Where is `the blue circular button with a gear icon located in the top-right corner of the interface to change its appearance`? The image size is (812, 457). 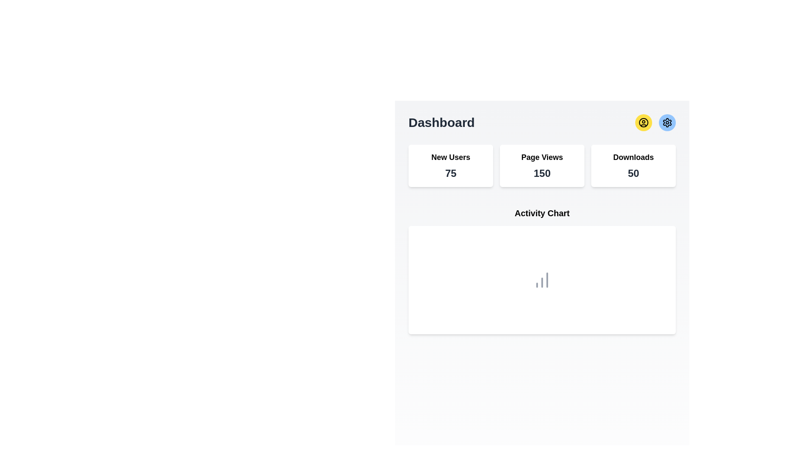 the blue circular button with a gear icon located in the top-right corner of the interface to change its appearance is located at coordinates (667, 122).